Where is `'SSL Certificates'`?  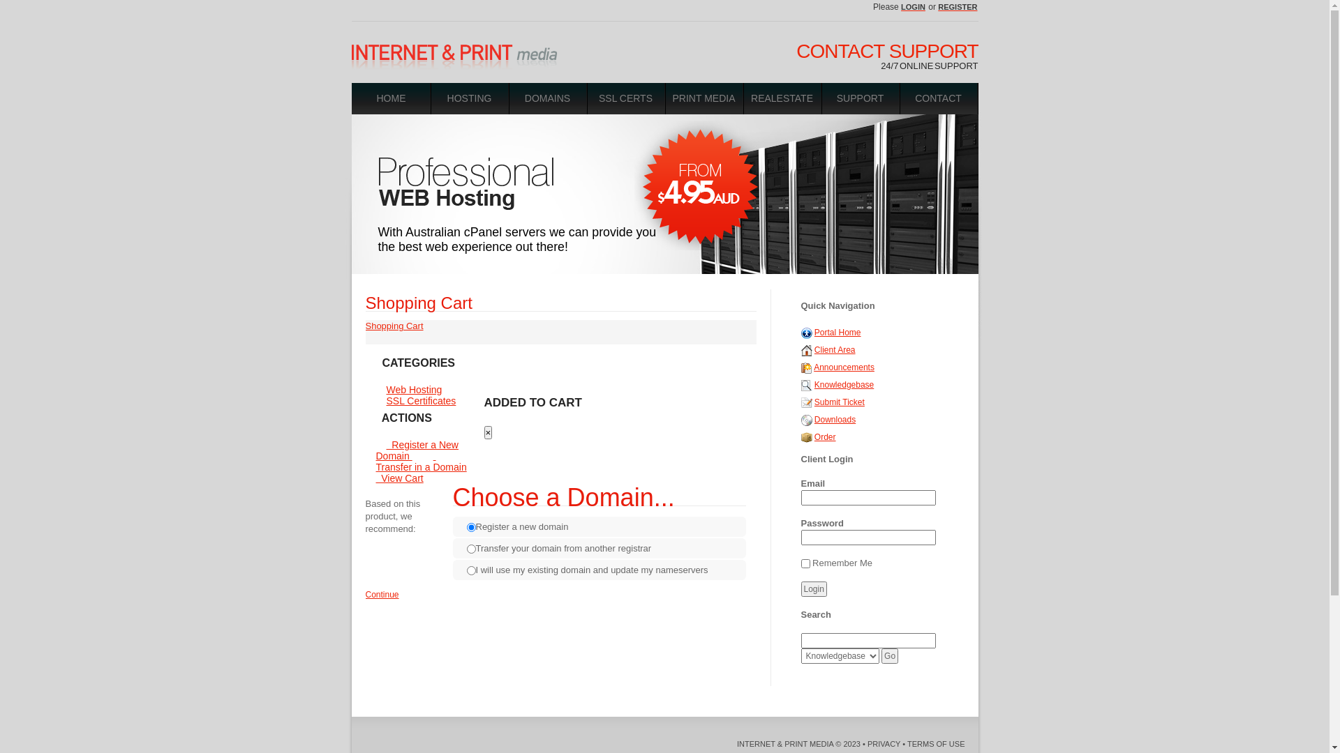 'SSL Certificates' is located at coordinates (375, 400).